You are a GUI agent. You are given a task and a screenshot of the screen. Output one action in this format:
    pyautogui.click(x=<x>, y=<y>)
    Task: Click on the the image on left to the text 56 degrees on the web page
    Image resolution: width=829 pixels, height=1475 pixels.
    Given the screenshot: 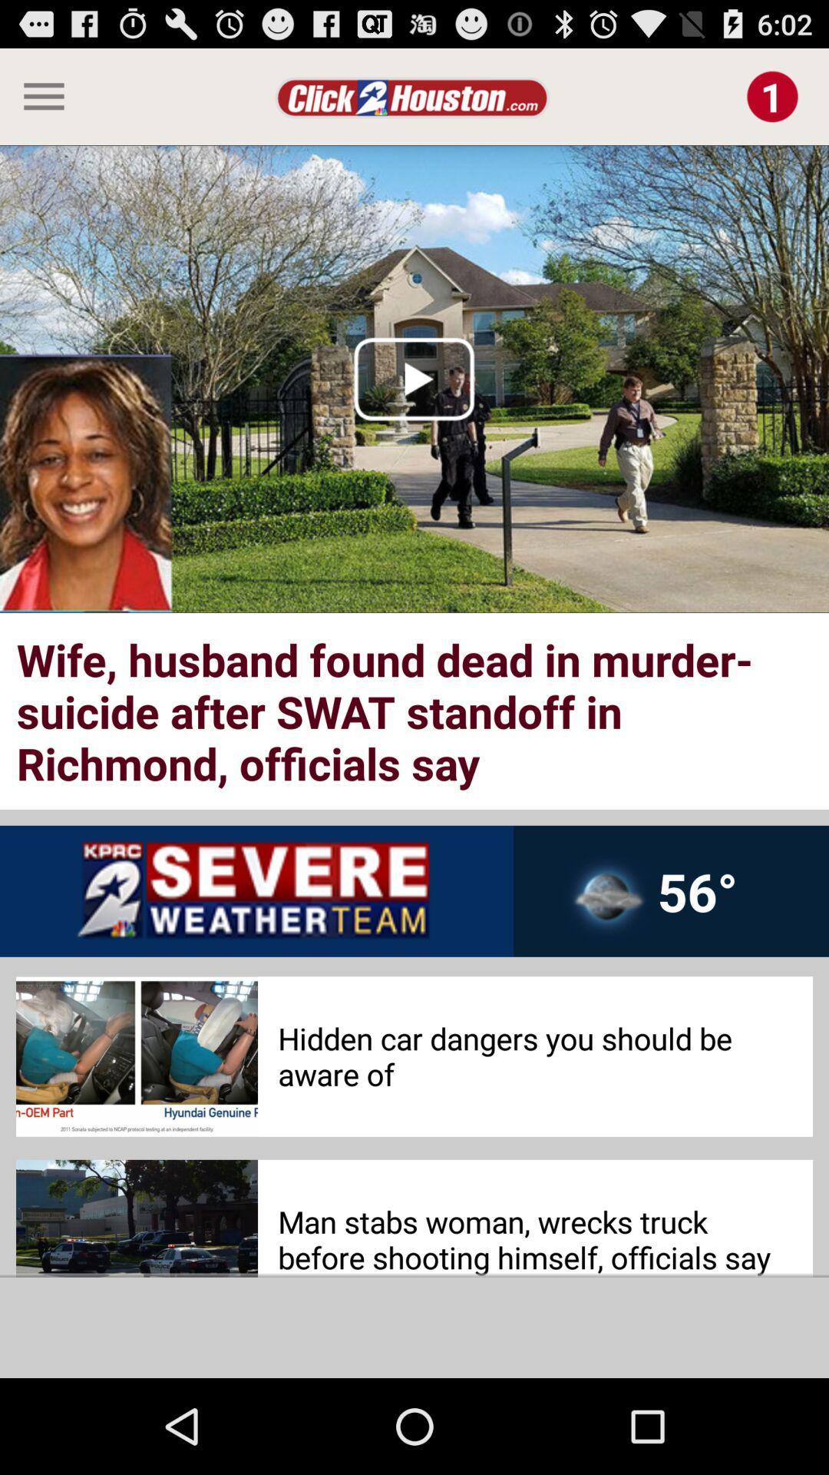 What is the action you would take?
    pyautogui.click(x=606, y=902)
    